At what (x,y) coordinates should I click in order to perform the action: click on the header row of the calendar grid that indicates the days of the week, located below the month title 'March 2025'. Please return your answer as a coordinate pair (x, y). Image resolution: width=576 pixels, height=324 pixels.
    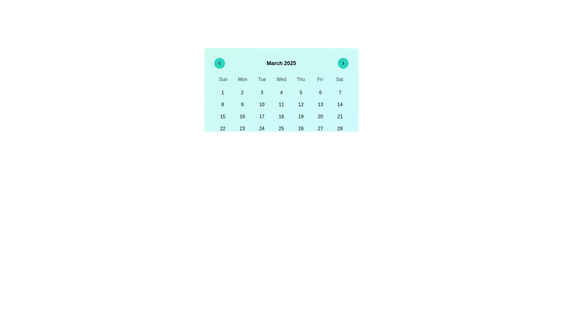
    Looking at the image, I should click on (281, 79).